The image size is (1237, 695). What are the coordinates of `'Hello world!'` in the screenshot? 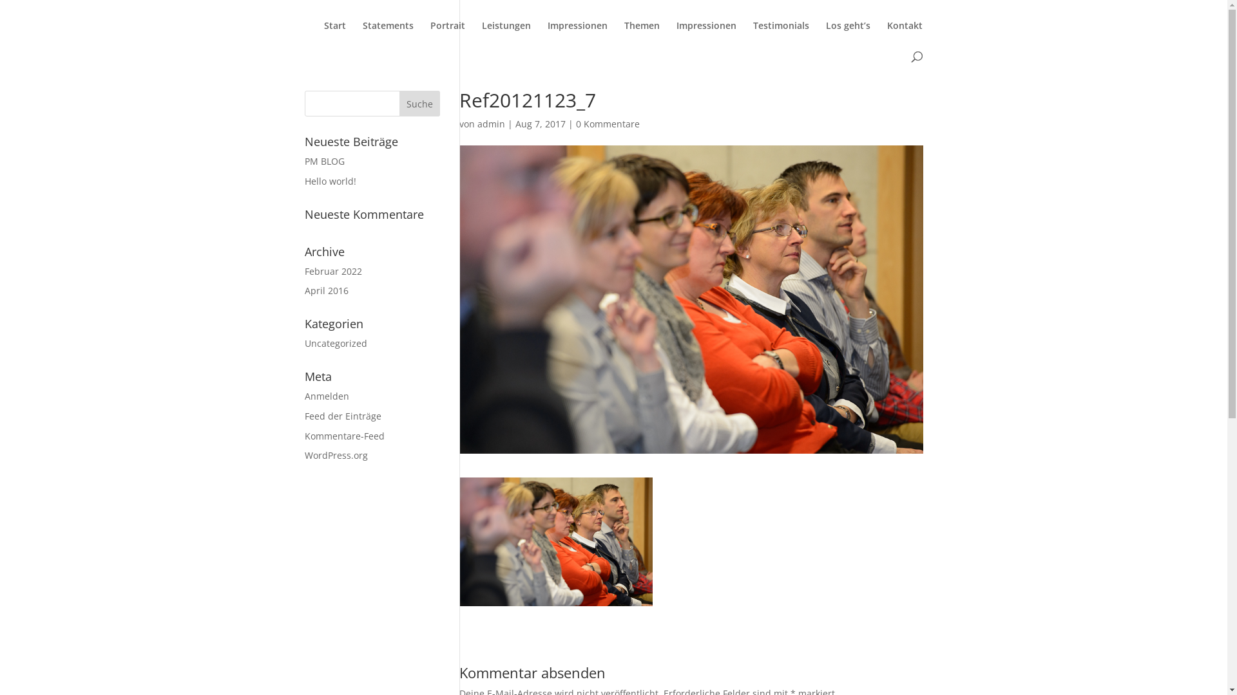 It's located at (330, 181).